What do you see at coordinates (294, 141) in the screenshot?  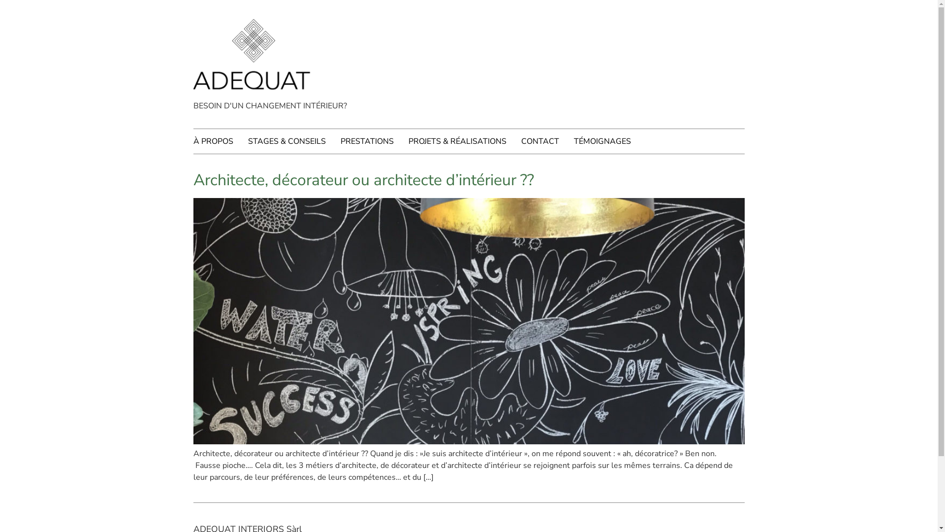 I see `'STAGES & CONSEILS'` at bounding box center [294, 141].